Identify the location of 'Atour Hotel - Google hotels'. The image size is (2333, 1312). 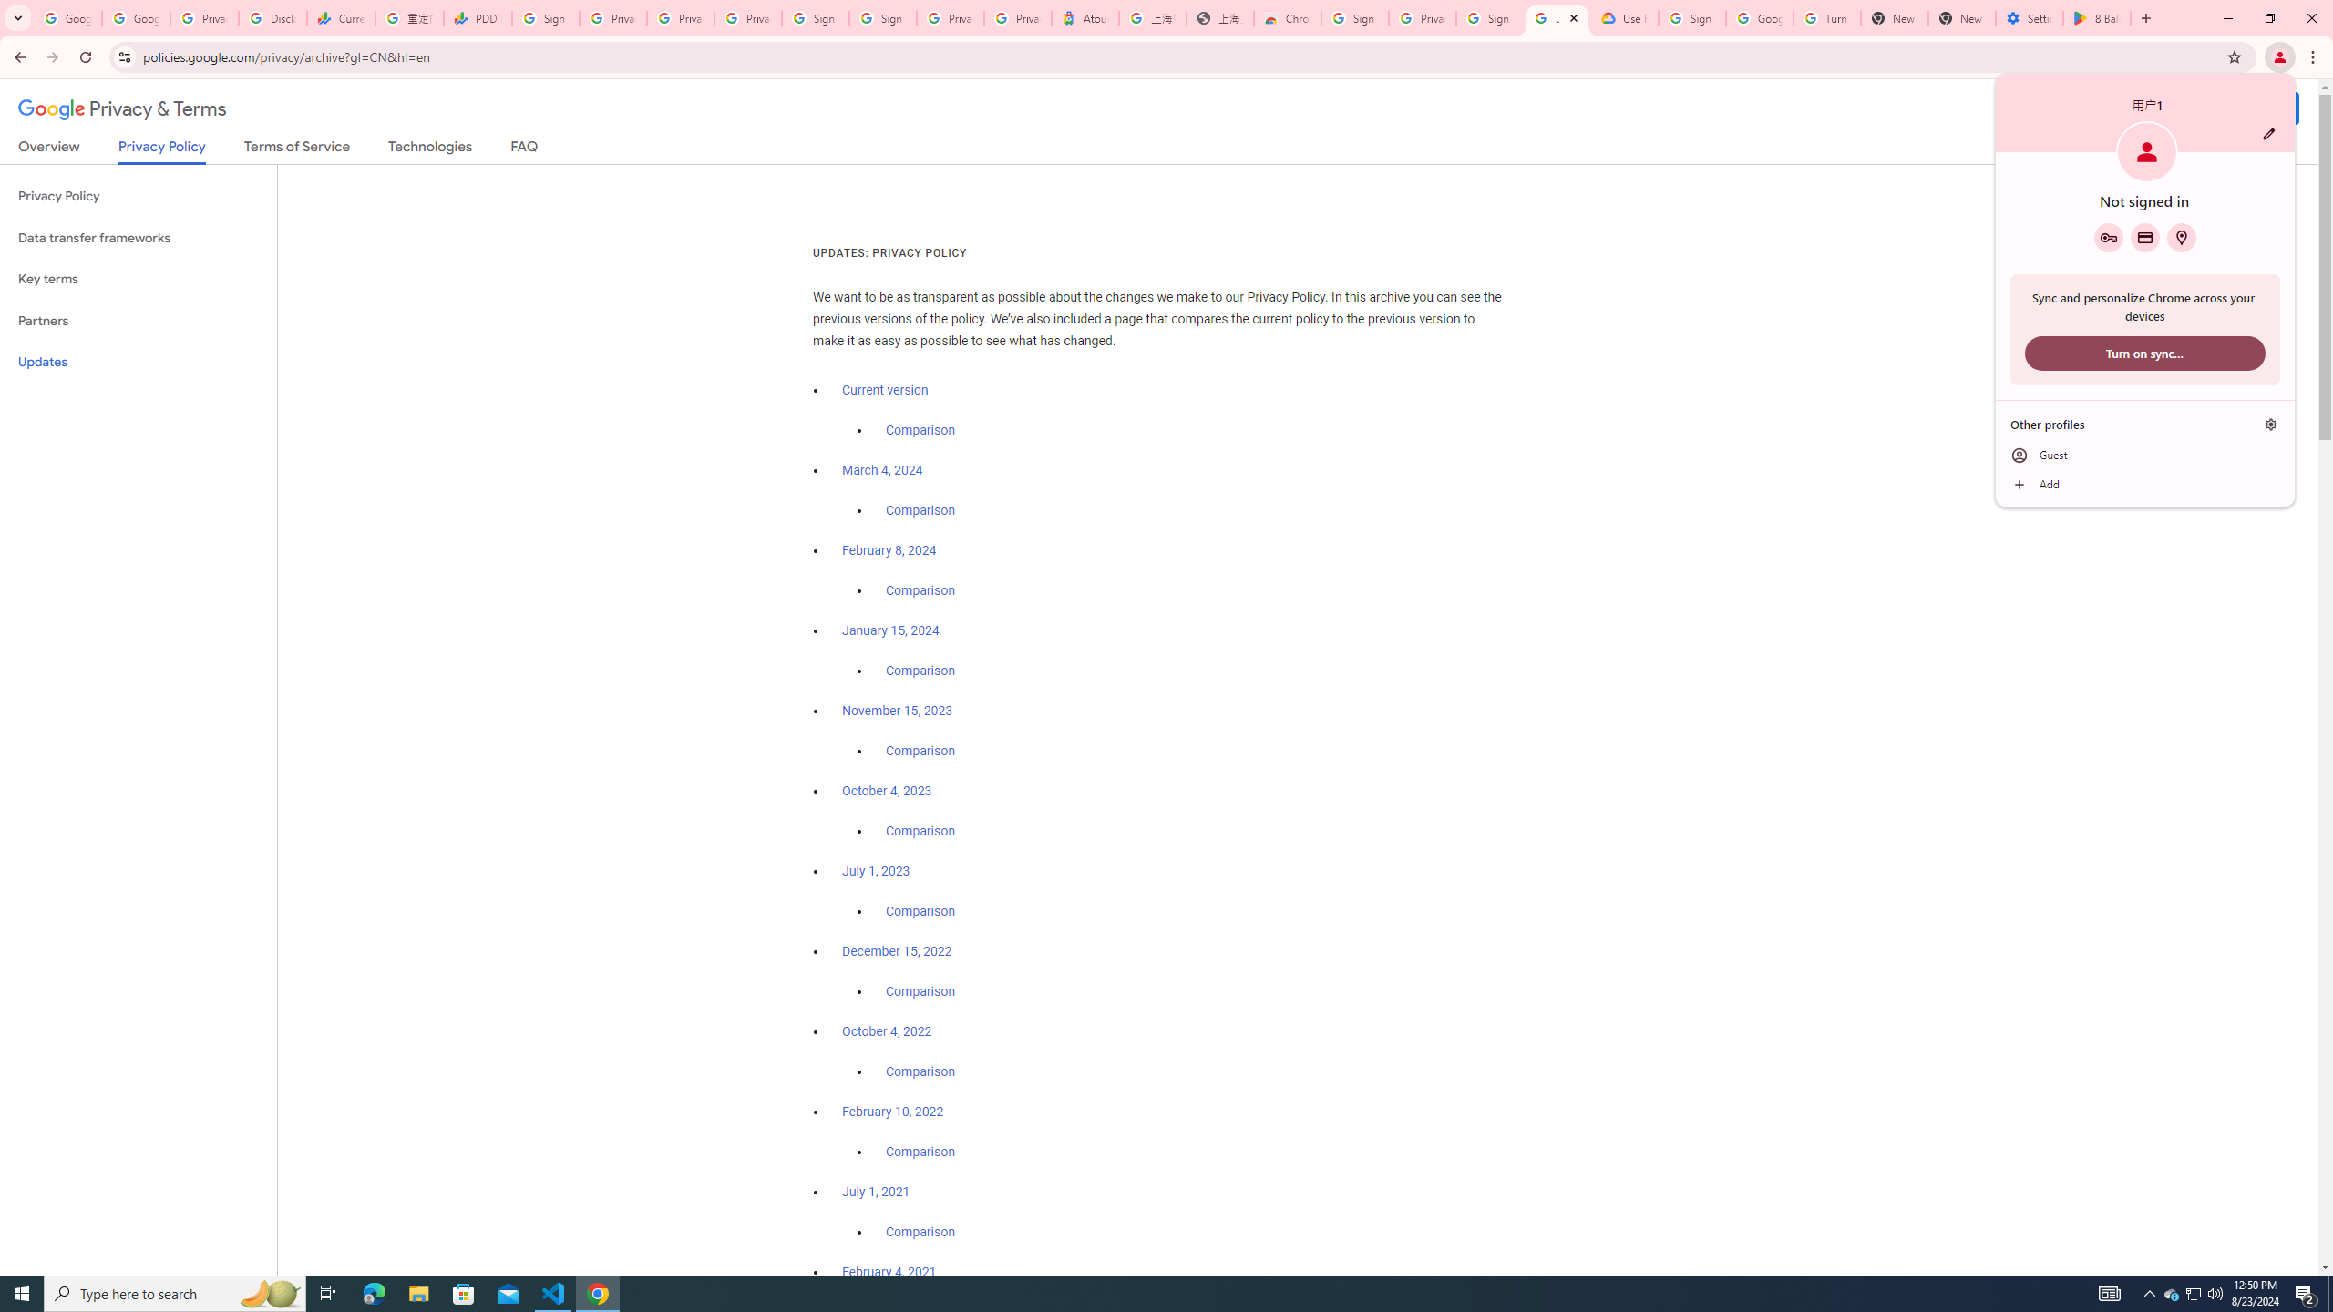
(1084, 17).